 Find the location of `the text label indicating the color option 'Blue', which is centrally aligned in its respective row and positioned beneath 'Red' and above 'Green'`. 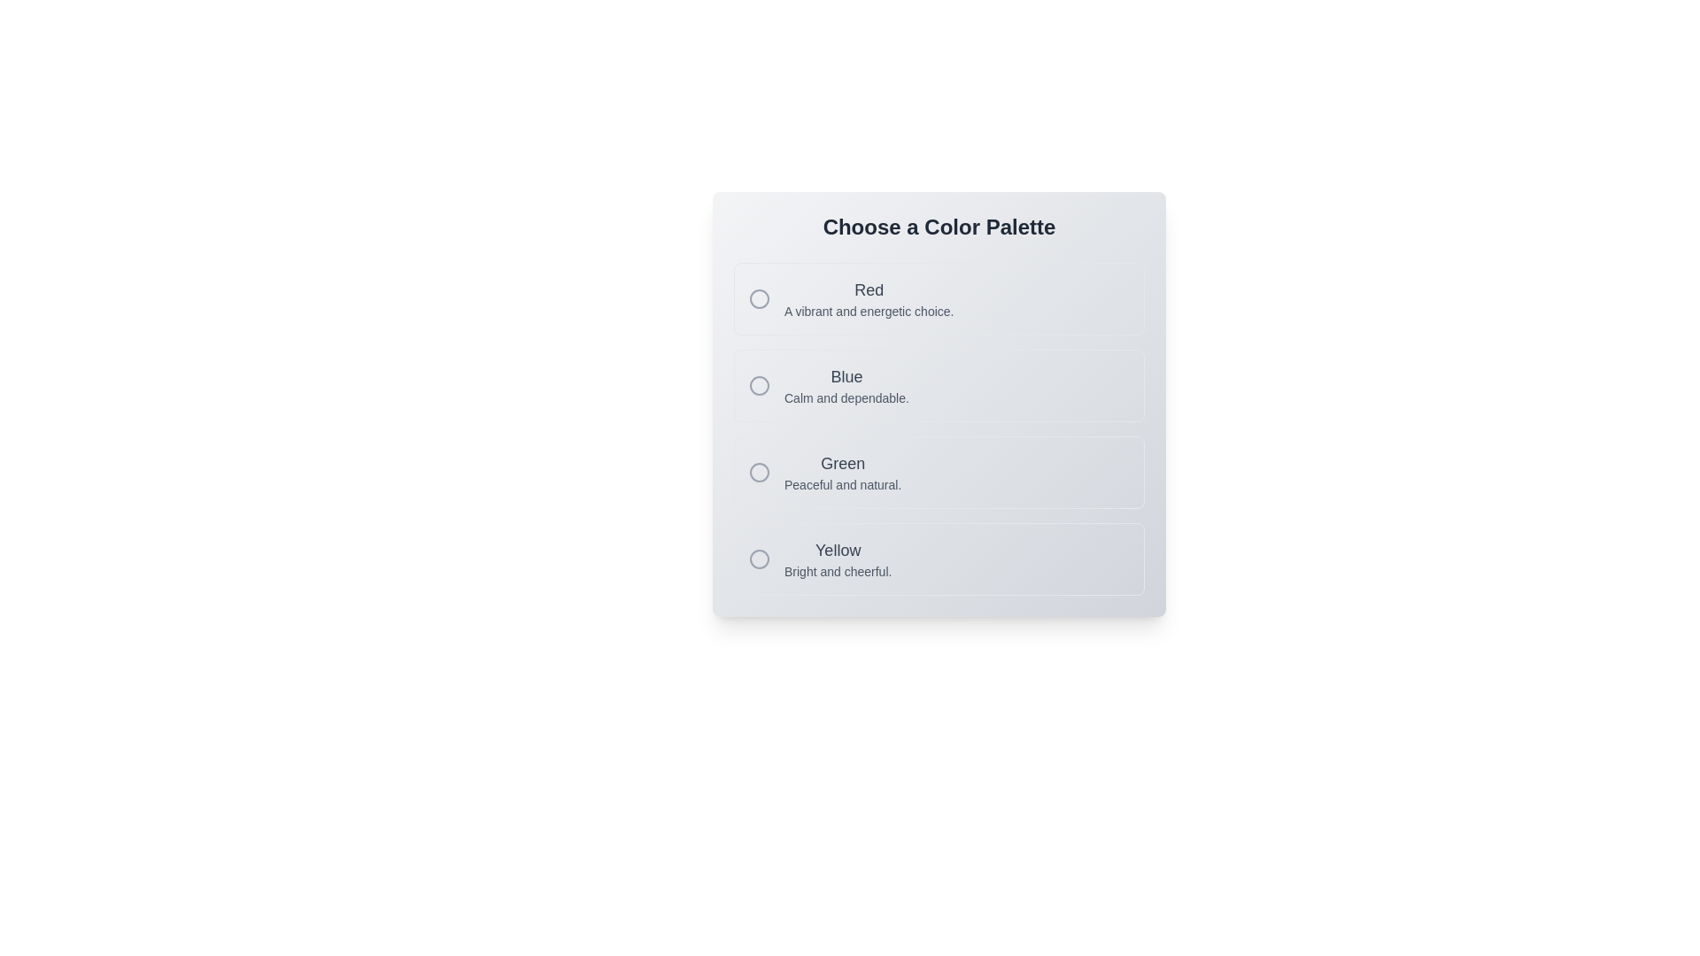

the text label indicating the color option 'Blue', which is centrally aligned in its respective row and positioned beneath 'Red' and above 'Green' is located at coordinates (846, 375).